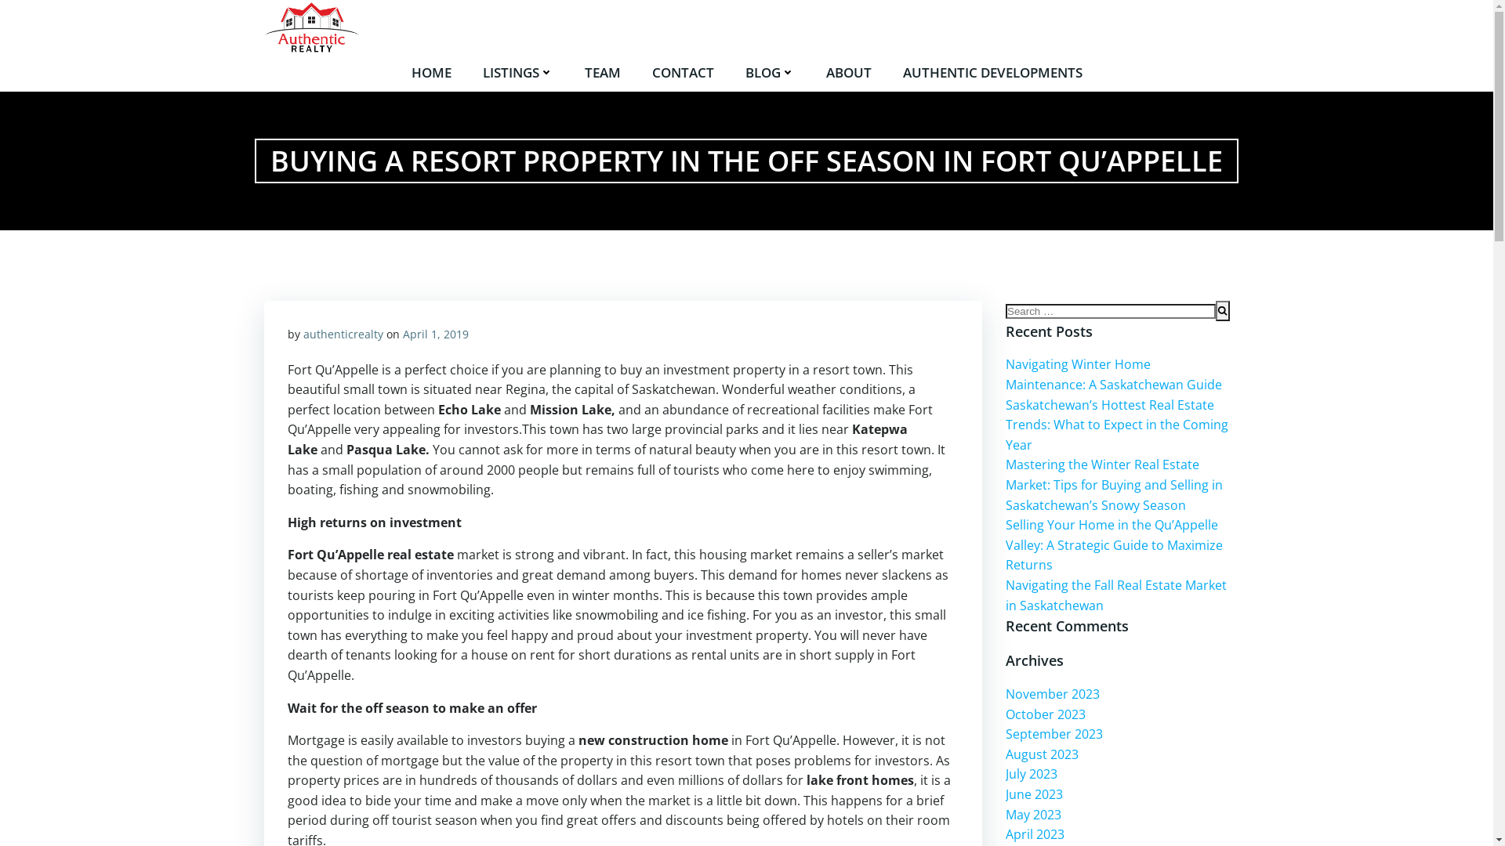 The image size is (1505, 846). What do you see at coordinates (1053, 693) in the screenshot?
I see `'November 2023'` at bounding box center [1053, 693].